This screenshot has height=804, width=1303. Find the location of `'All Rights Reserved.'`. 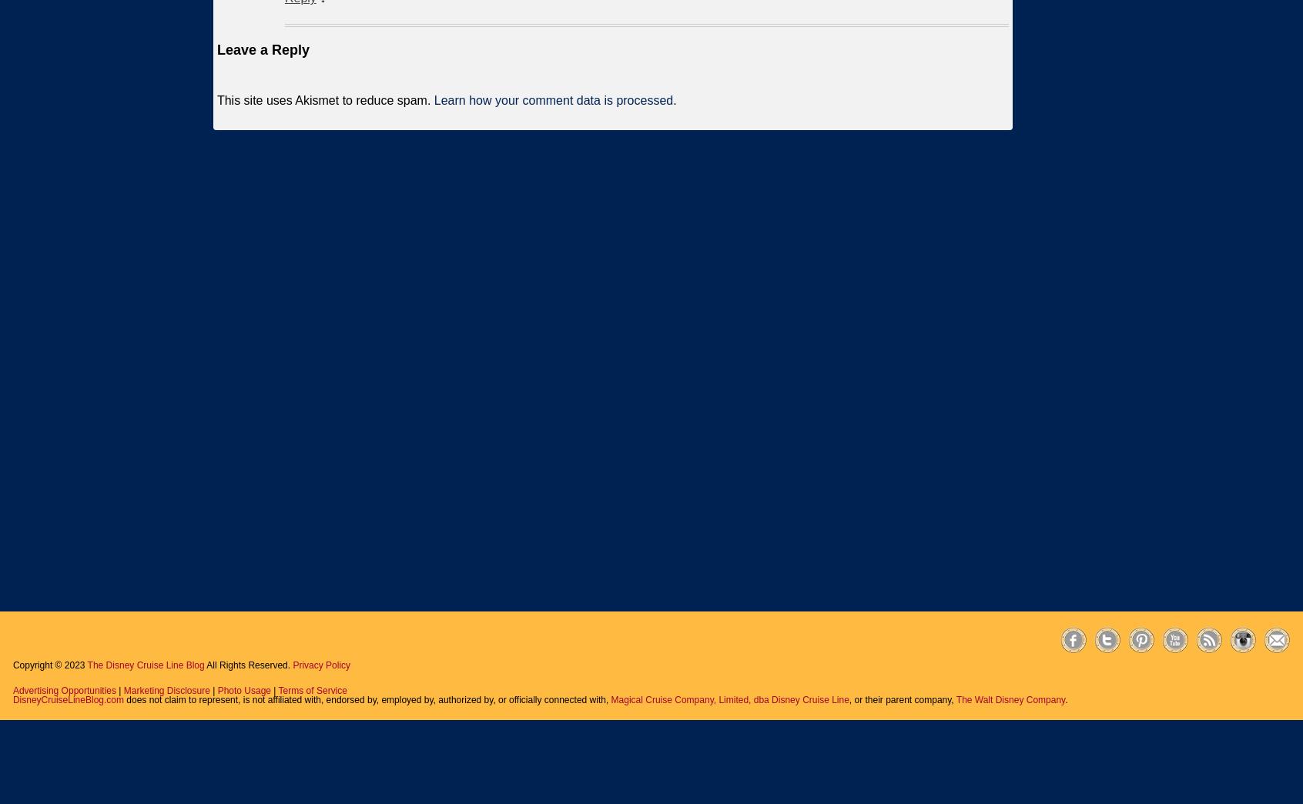

'All Rights Reserved.' is located at coordinates (247, 664).